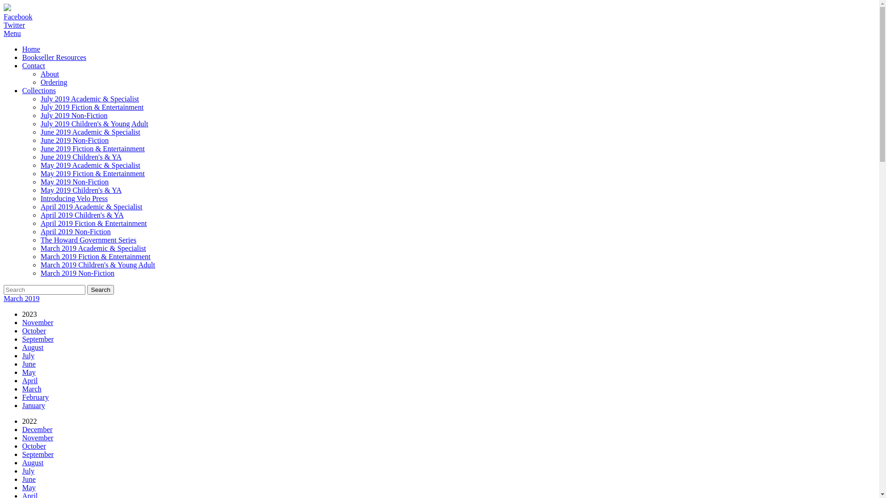  What do you see at coordinates (33, 462) in the screenshot?
I see `'August'` at bounding box center [33, 462].